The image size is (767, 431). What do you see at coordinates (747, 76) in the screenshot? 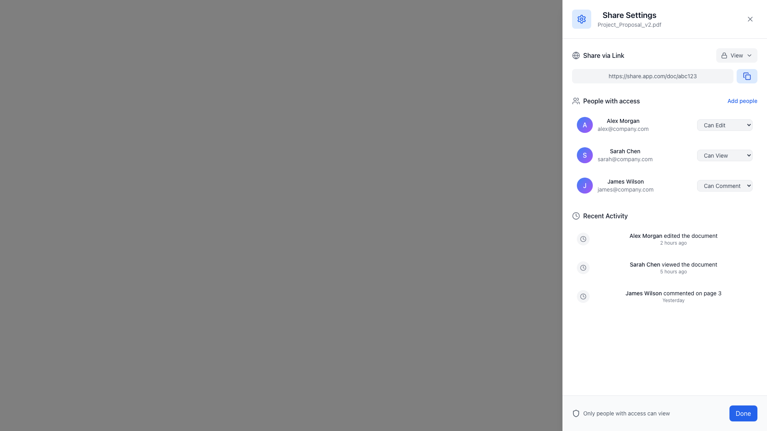
I see `the 'Copy Link' button located at the right end of the 'Share via Link' field` at bounding box center [747, 76].